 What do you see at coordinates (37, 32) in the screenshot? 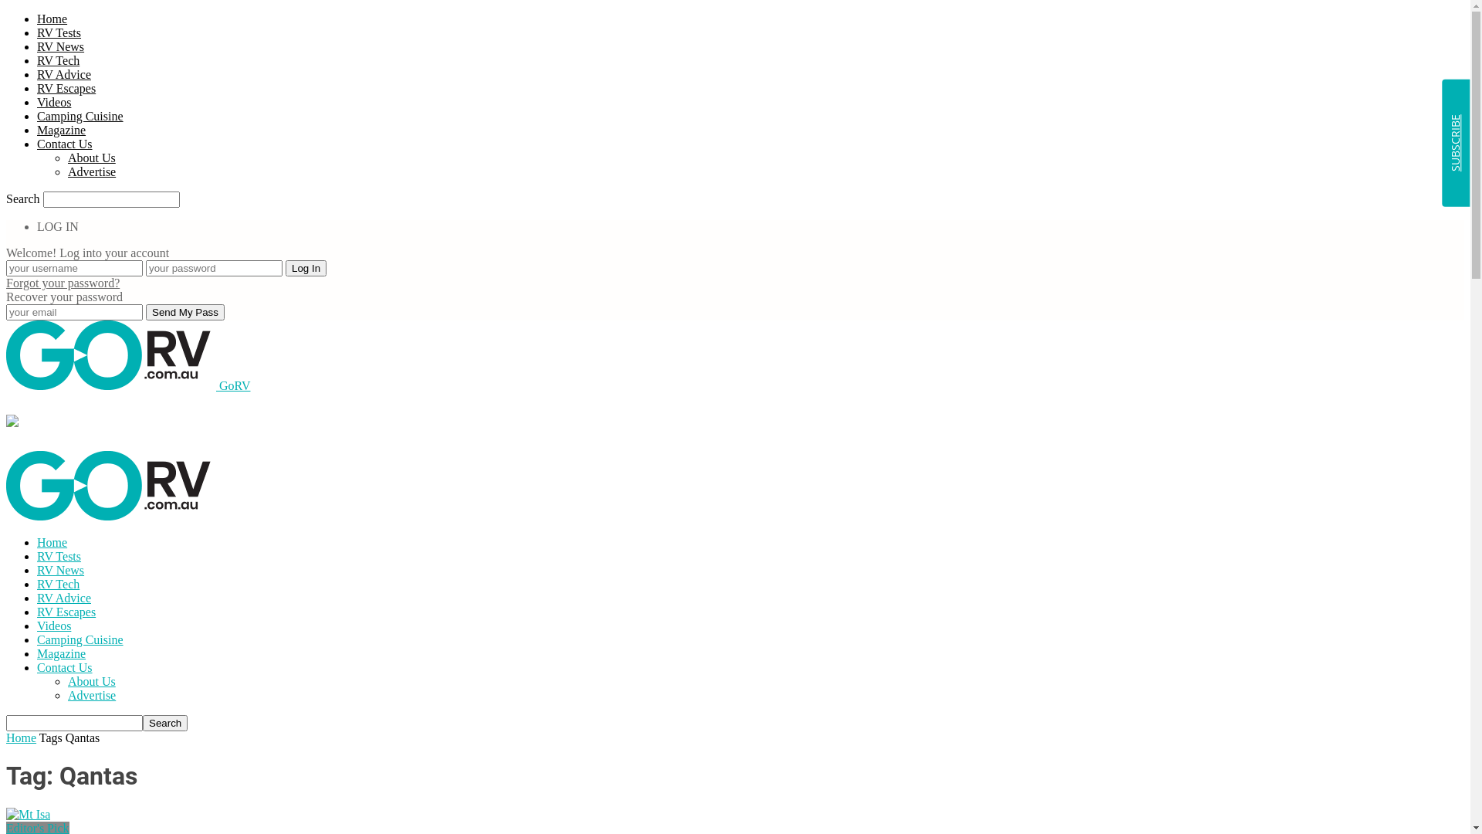
I see `'RV Tests'` at bounding box center [37, 32].